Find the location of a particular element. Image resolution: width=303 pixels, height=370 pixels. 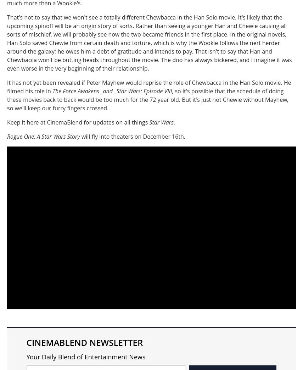

'That's not to say that we won't see a totally different Chewbacca in the Han Solo movie. It's likely that the upcoming spinoff will be an origin story of sorts. Rather than seeing a younger Han and Chewie causing all sorts of mischief, we will probably see how the two became friends in the first place. In the original novels, Han Solo saved Chewie from certain death and torture, which is why the Wookie follows the nerf herder around the galaxy; he owes him a debt of gratitude and intends to pay. That isn't to say that Han and Chewbacca won't be butting heads throughout the movie. The duo has always bickered, and I imagine it was even worse in the very beginning of their relationship.' is located at coordinates (149, 43).